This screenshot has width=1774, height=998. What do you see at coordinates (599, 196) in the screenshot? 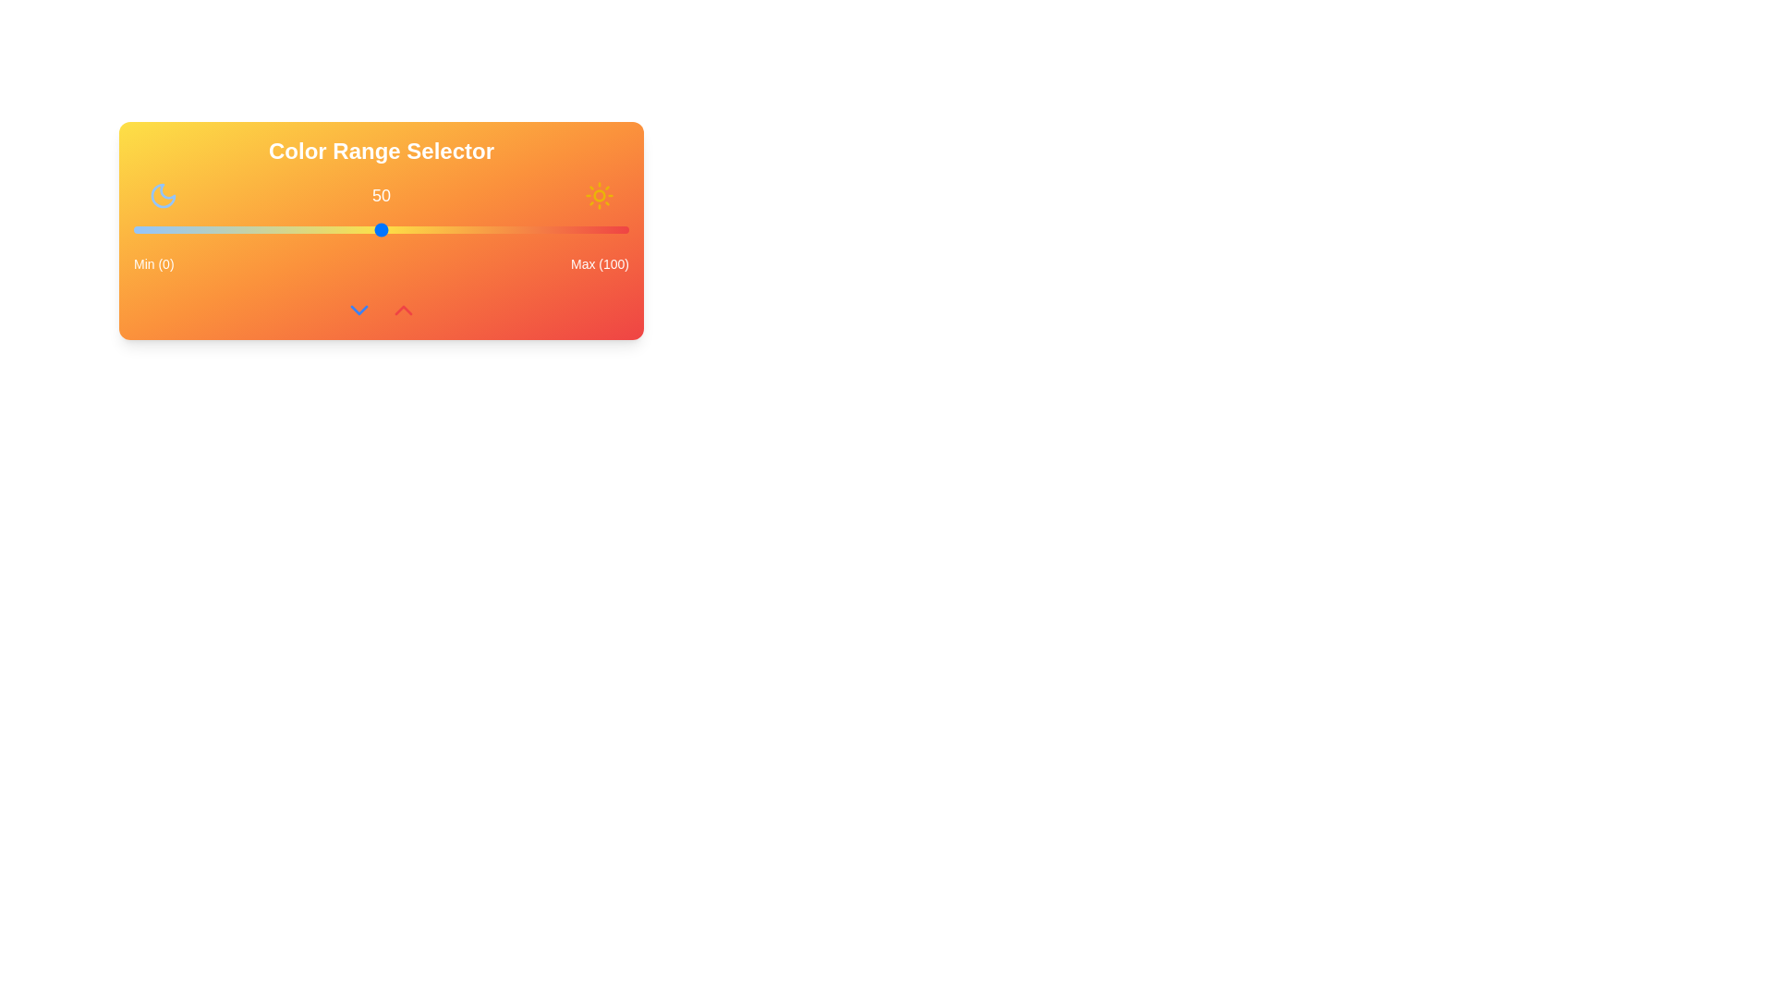
I see `the Sun icon to provide visual feedback` at bounding box center [599, 196].